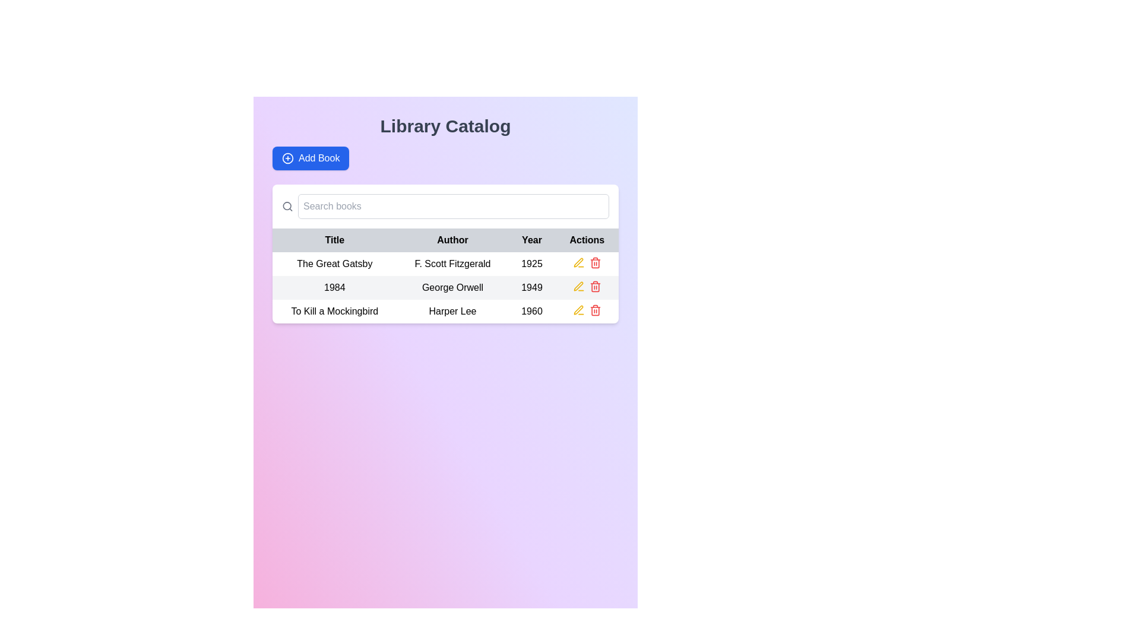 The height and width of the screenshot is (641, 1140). Describe the element at coordinates (595, 262) in the screenshot. I see `the delete button located in the 'Actions' column of the third row in the table` at that location.